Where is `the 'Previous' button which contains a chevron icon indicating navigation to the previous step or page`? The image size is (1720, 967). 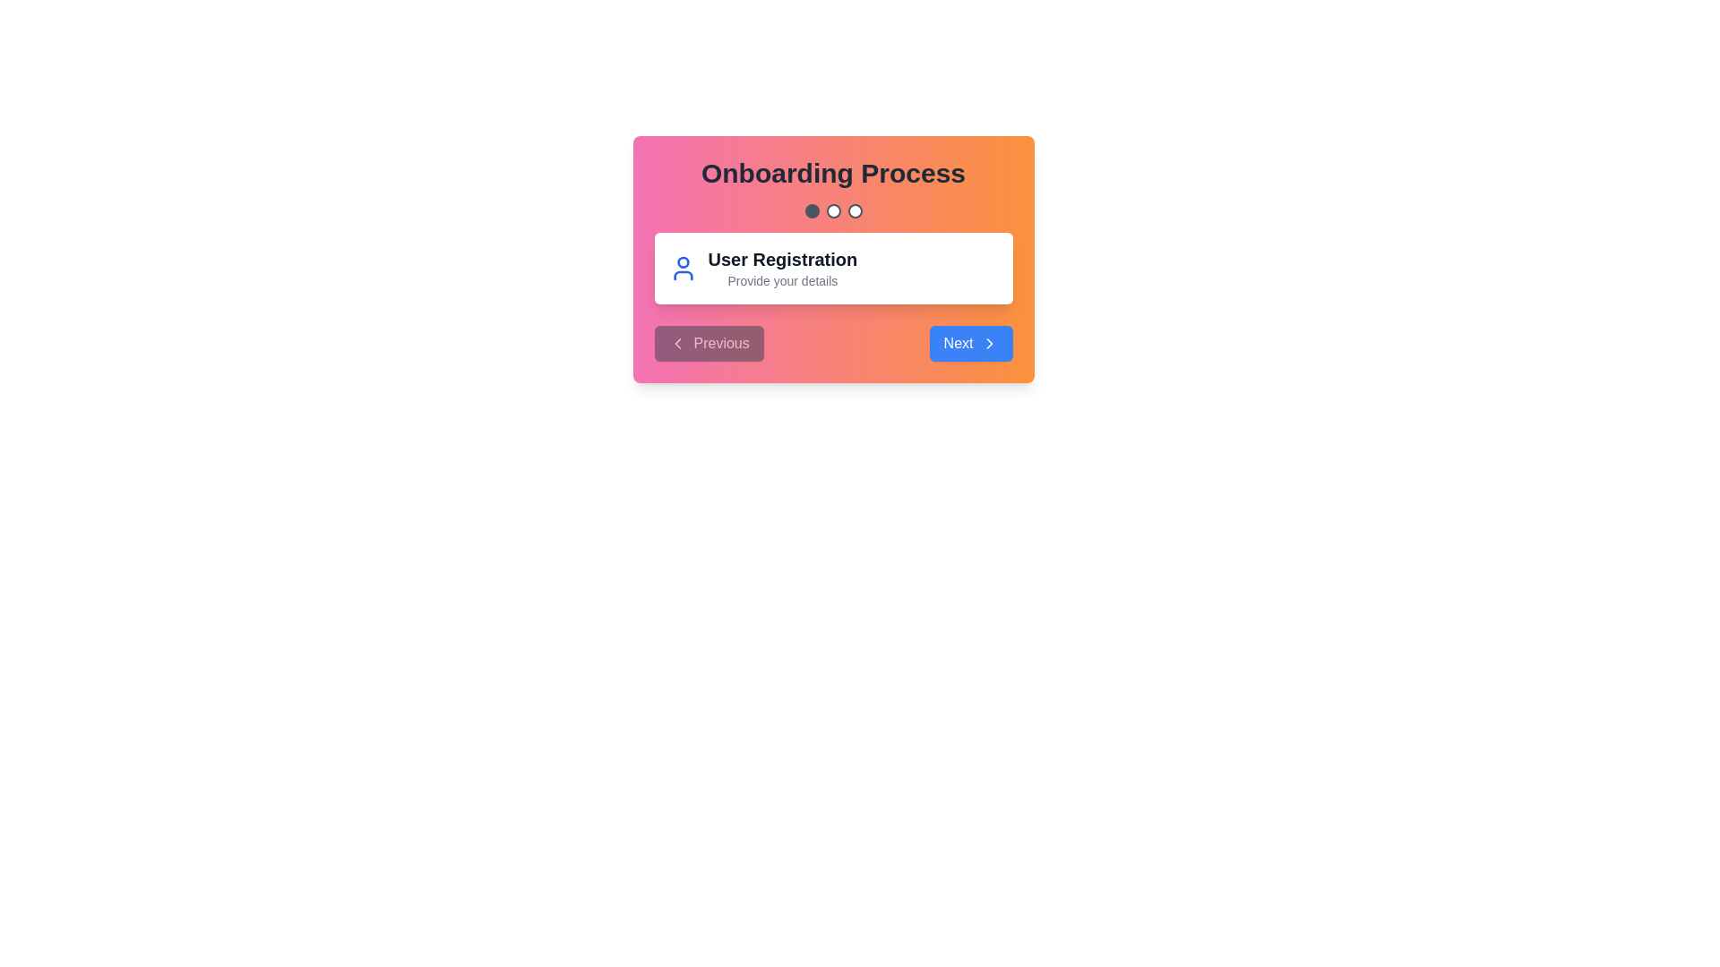
the 'Previous' button which contains a chevron icon indicating navigation to the previous step or page is located at coordinates (676, 344).